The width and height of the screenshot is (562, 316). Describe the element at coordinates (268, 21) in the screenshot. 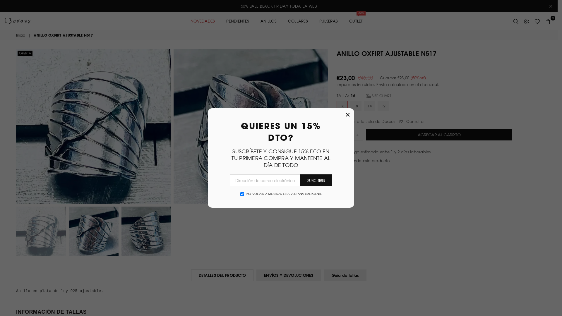

I see `'ANILLOS'` at that location.